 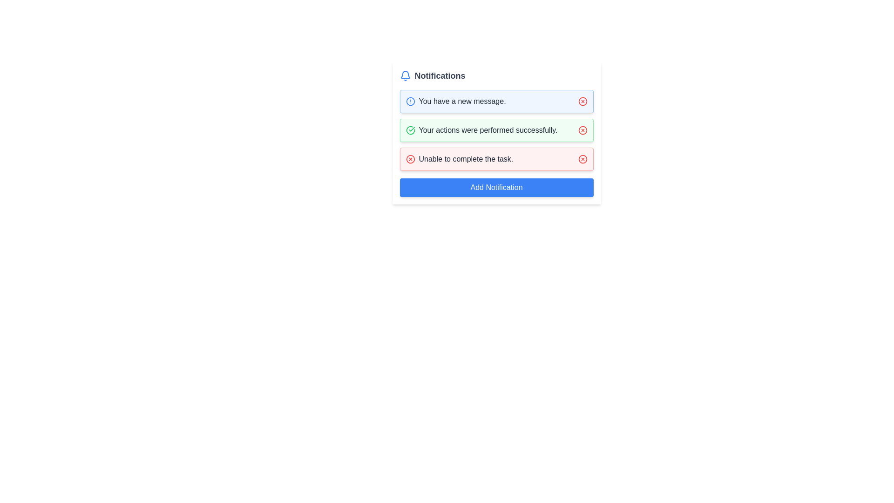 What do you see at coordinates (410, 102) in the screenshot?
I see `circular icon with a blue border located in the notification panel, aligned with the topmost notification entry, for additional information` at bounding box center [410, 102].